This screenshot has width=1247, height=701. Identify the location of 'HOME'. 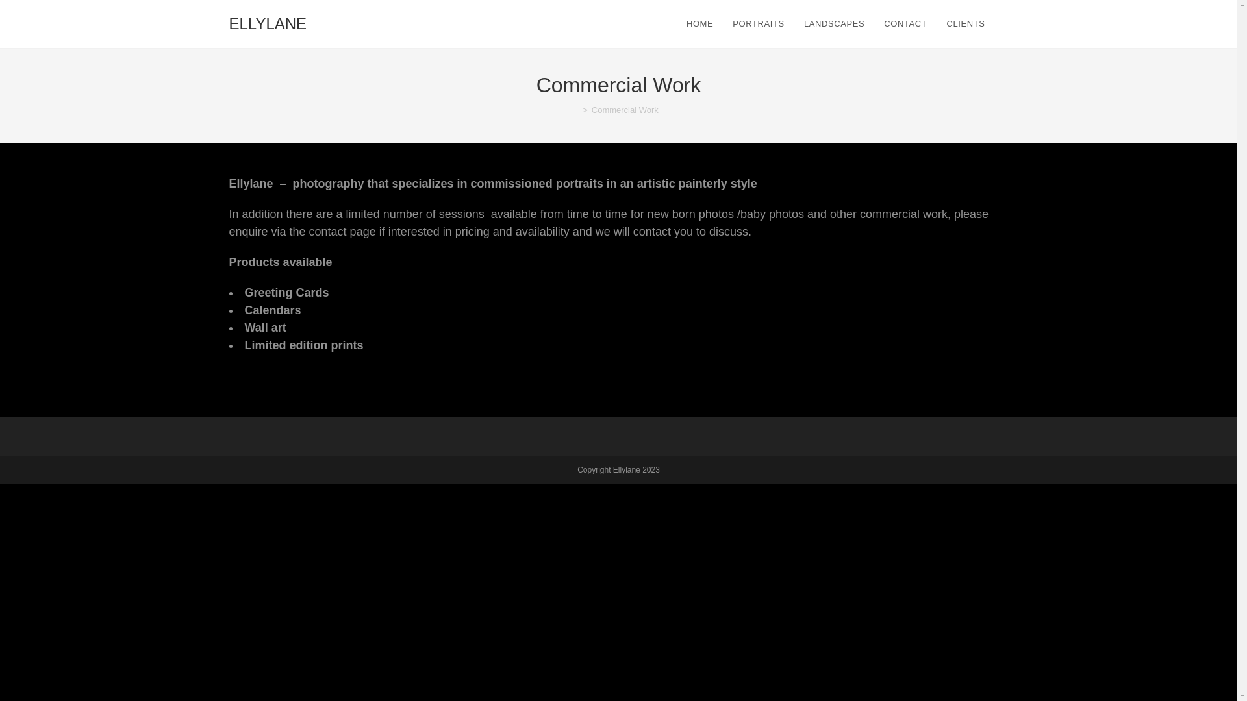
(699, 24).